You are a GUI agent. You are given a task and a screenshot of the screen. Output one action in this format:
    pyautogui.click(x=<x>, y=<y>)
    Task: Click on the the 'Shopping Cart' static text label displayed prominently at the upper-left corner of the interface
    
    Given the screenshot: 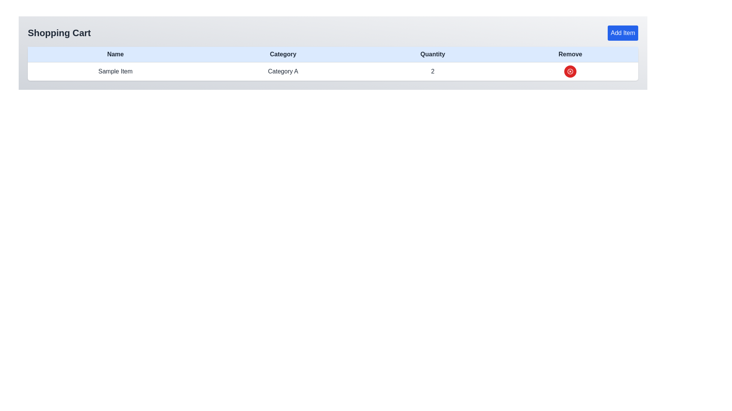 What is the action you would take?
    pyautogui.click(x=59, y=33)
    